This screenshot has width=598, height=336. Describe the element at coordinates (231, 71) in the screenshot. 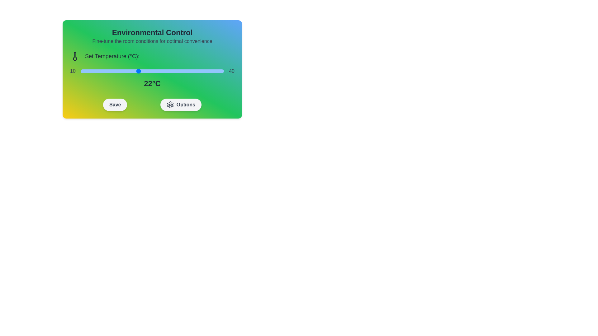

I see `the Text label displaying the numeric value '40', which is styled in medium weight light-grey font and positioned at the far right of a horizontal arrangement with a numeric value '10' on the left and a range slider in the center` at that location.